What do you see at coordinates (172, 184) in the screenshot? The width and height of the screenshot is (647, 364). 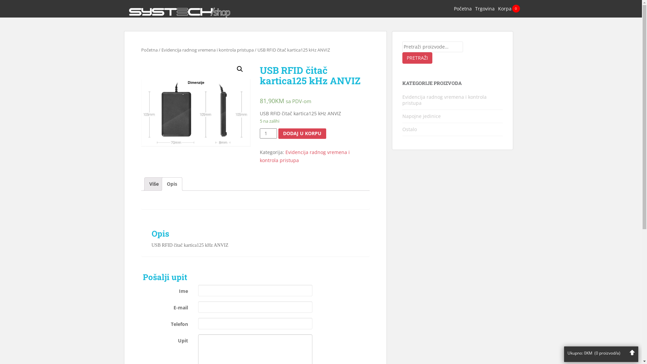 I see `'Opis'` at bounding box center [172, 184].